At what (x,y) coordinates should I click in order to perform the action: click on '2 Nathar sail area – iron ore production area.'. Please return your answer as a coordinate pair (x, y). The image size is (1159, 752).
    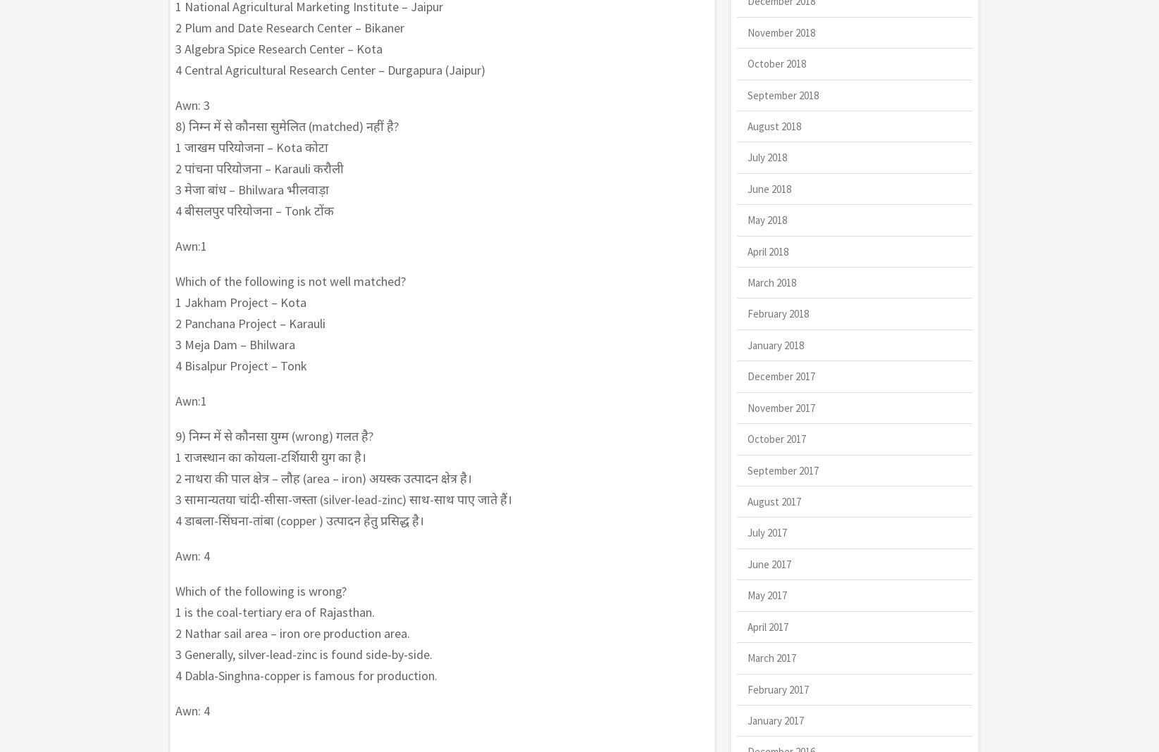
    Looking at the image, I should click on (291, 632).